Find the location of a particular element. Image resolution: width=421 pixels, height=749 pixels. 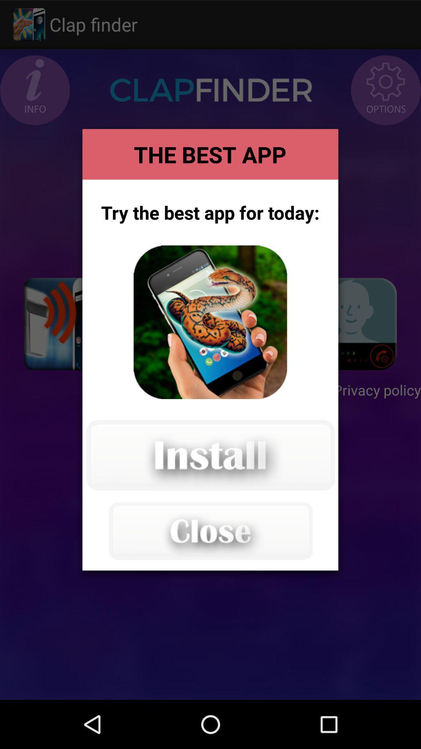

the advertisement is located at coordinates (210, 531).